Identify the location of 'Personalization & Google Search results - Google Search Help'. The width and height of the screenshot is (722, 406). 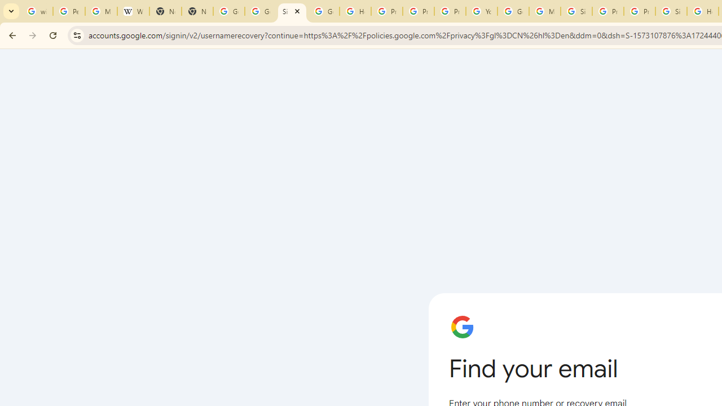
(68, 11).